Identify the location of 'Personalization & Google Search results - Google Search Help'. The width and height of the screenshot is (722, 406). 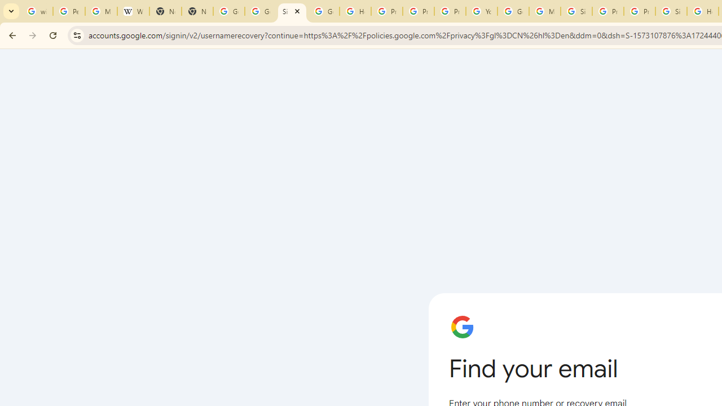
(68, 11).